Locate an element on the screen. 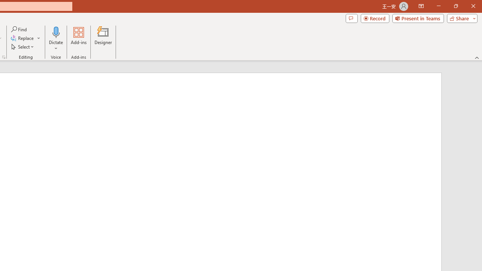  'Replace...' is located at coordinates (26, 38).